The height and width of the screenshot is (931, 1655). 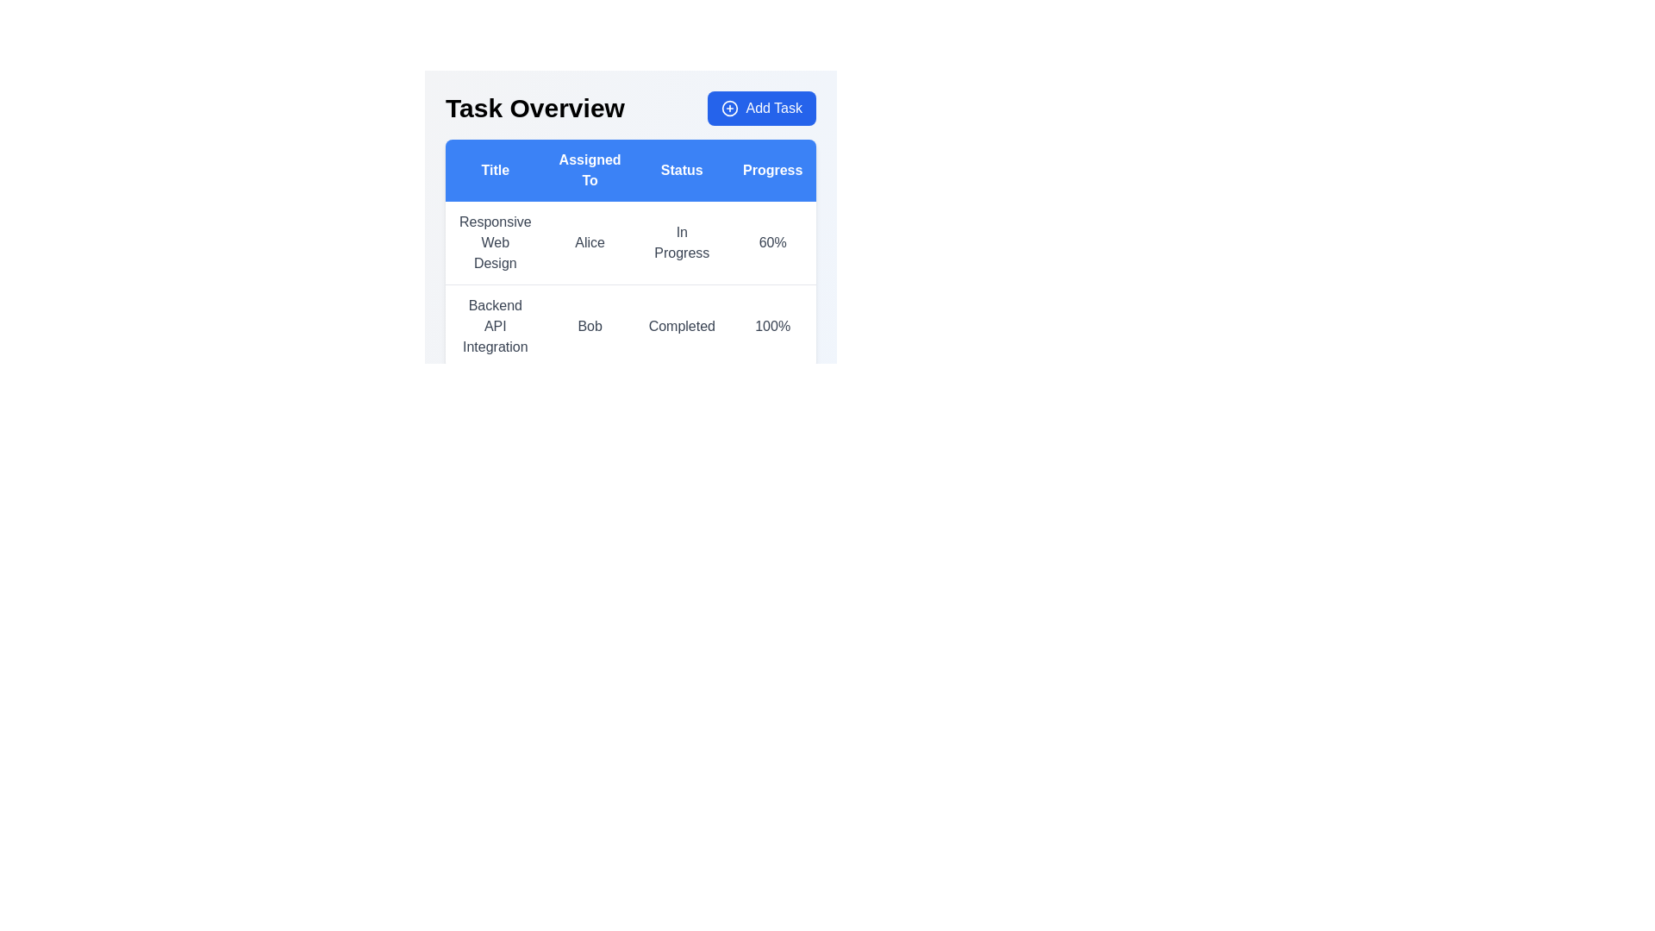 What do you see at coordinates (682, 170) in the screenshot?
I see `the Table Header, which is a horizontal bar with a medium blue background containing segments of the text 'Title', 'Assigned To', 'Status', 'Progress', and 'Actions'` at bounding box center [682, 170].